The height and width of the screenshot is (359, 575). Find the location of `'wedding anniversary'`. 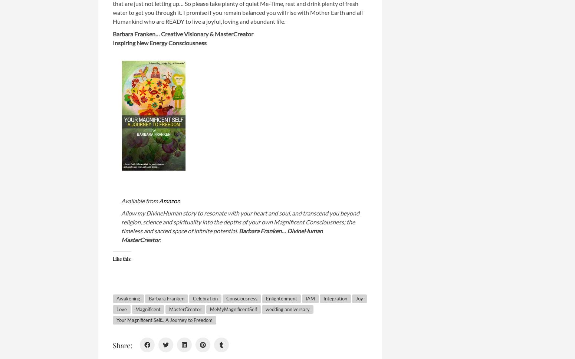

'wedding anniversary' is located at coordinates (287, 309).